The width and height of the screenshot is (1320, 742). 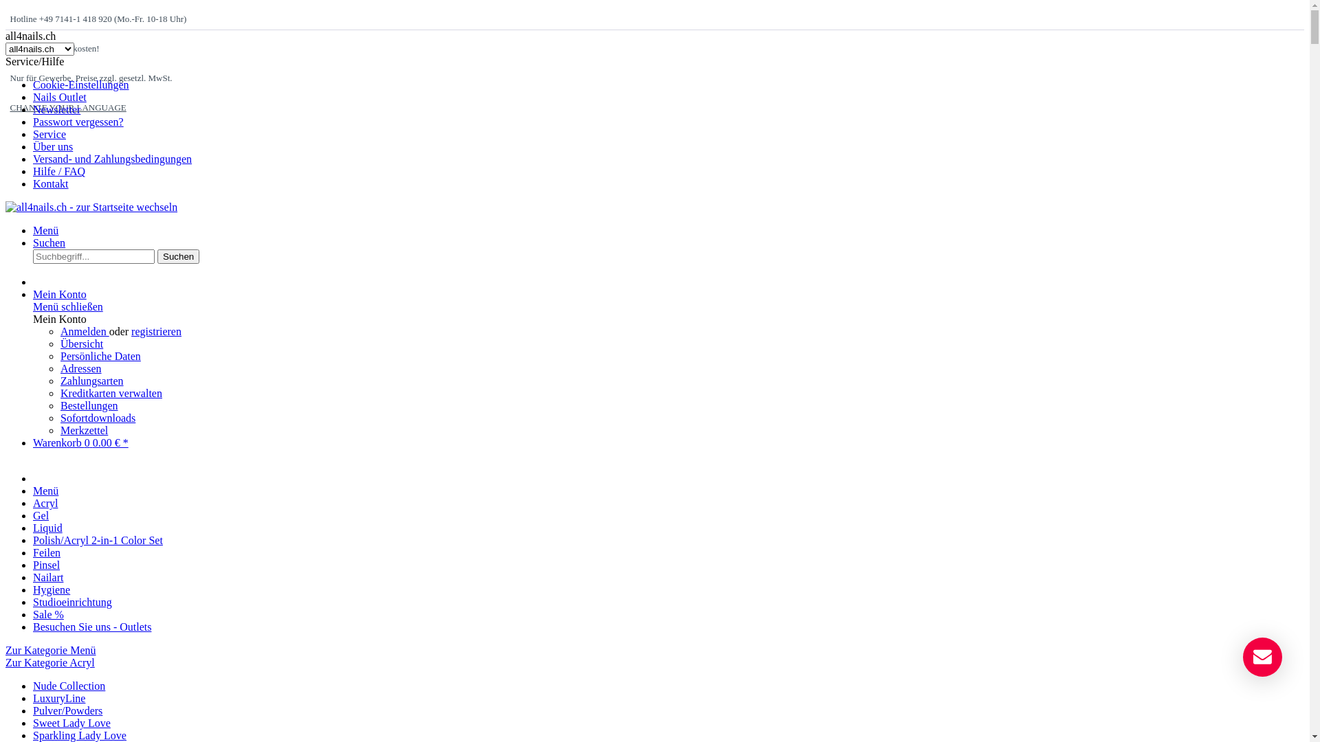 What do you see at coordinates (52, 589) in the screenshot?
I see `'Hygiene'` at bounding box center [52, 589].